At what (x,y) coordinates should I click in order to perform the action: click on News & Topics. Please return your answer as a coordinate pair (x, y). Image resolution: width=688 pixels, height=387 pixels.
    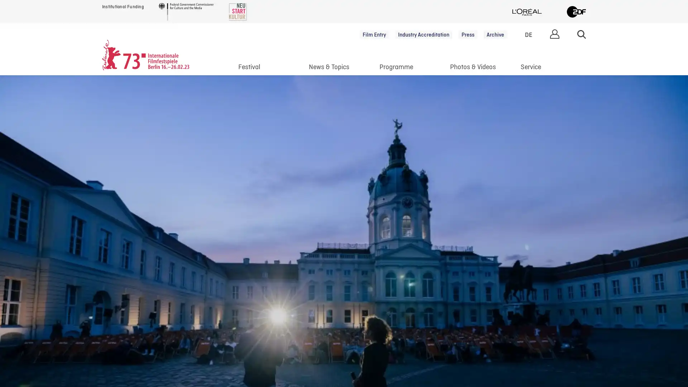
    Looking at the image, I should click on (328, 68).